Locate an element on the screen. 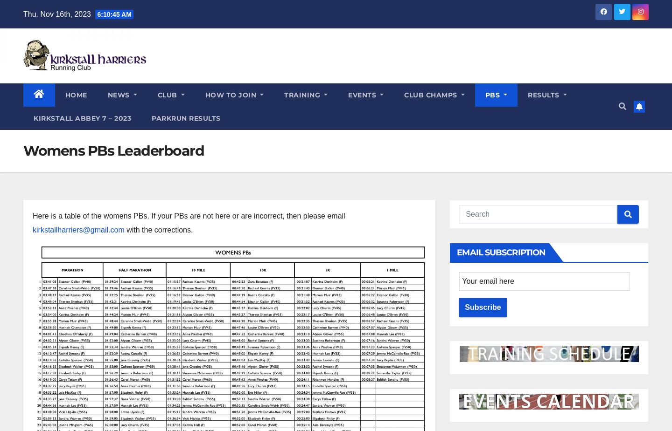 The width and height of the screenshot is (672, 431). 'Subscribe' is located at coordinates (483, 307).